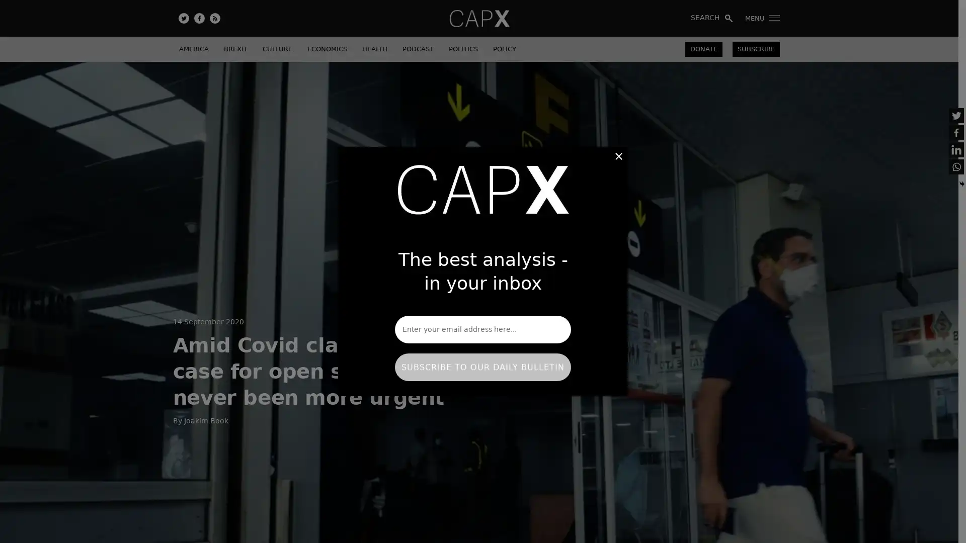 This screenshot has width=966, height=543. I want to click on SUBSCRIBE TO OUR DAILY BULLETIN, so click(483, 367).